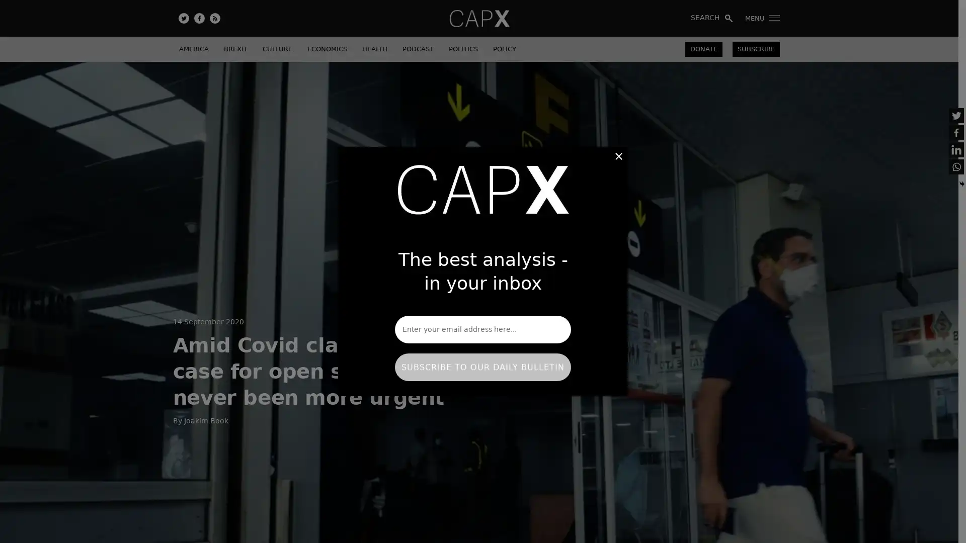 This screenshot has width=966, height=543. I want to click on SUBSCRIBE TO OUR DAILY BULLETIN, so click(483, 367).